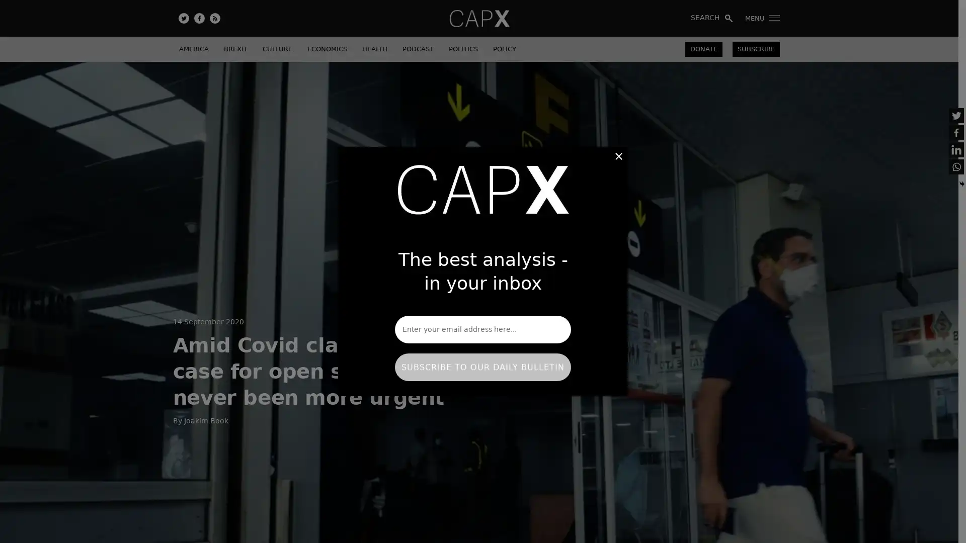 This screenshot has width=966, height=543. I want to click on SUBSCRIBE TO OUR DAILY BULLETIN, so click(483, 367).